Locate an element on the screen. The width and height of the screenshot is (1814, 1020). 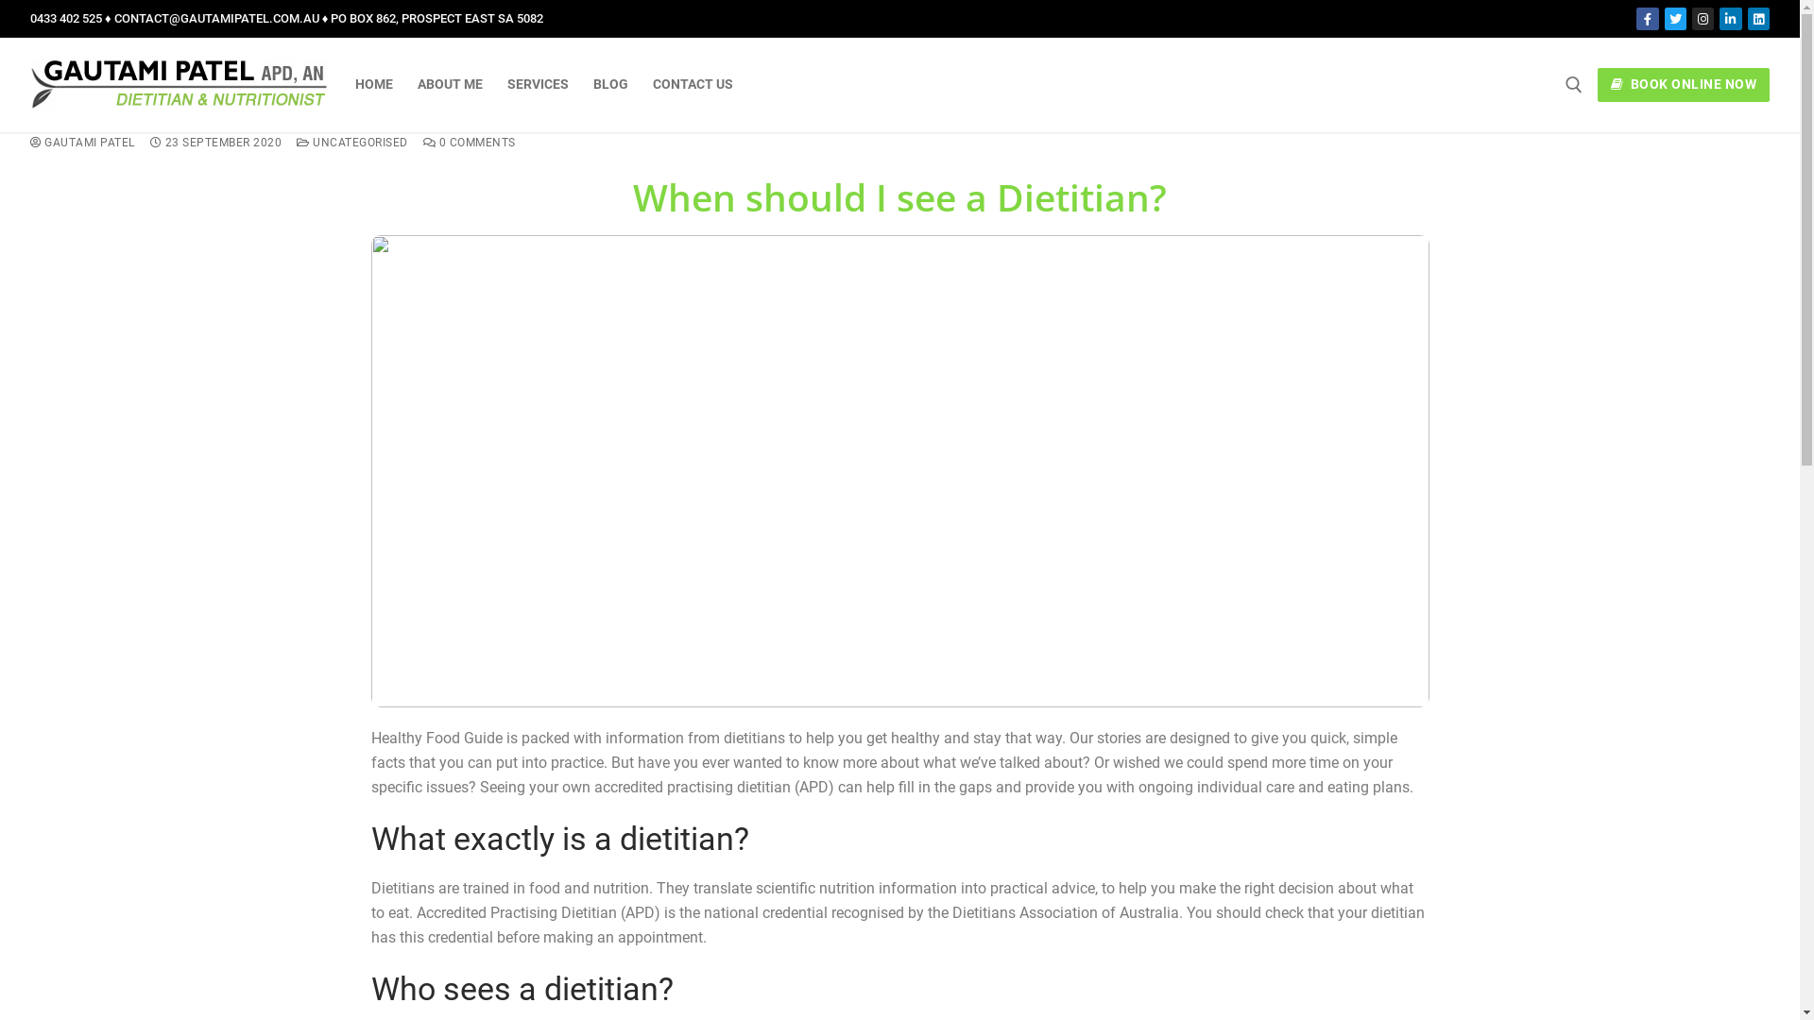
'SERVICES' is located at coordinates (494, 83).